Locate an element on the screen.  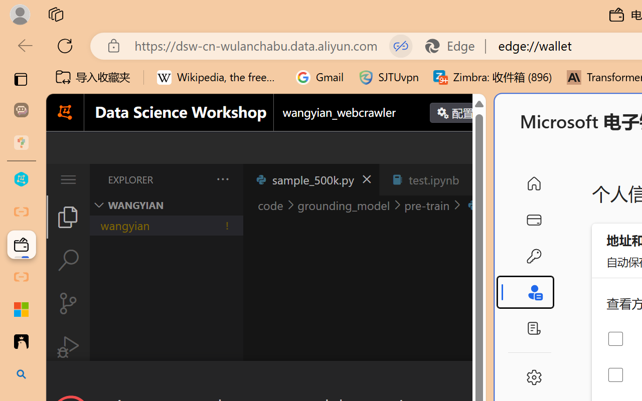
'Class: menubar compact overflow-menu-only' is located at coordinates (67, 179).